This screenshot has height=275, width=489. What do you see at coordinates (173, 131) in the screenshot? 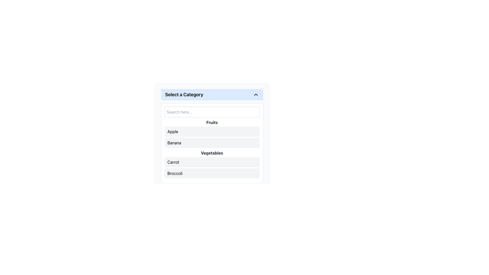
I see `the text label displaying 'Apple', which is the first item in a vertically arranged list of category options under the header 'Fruits'` at bounding box center [173, 131].